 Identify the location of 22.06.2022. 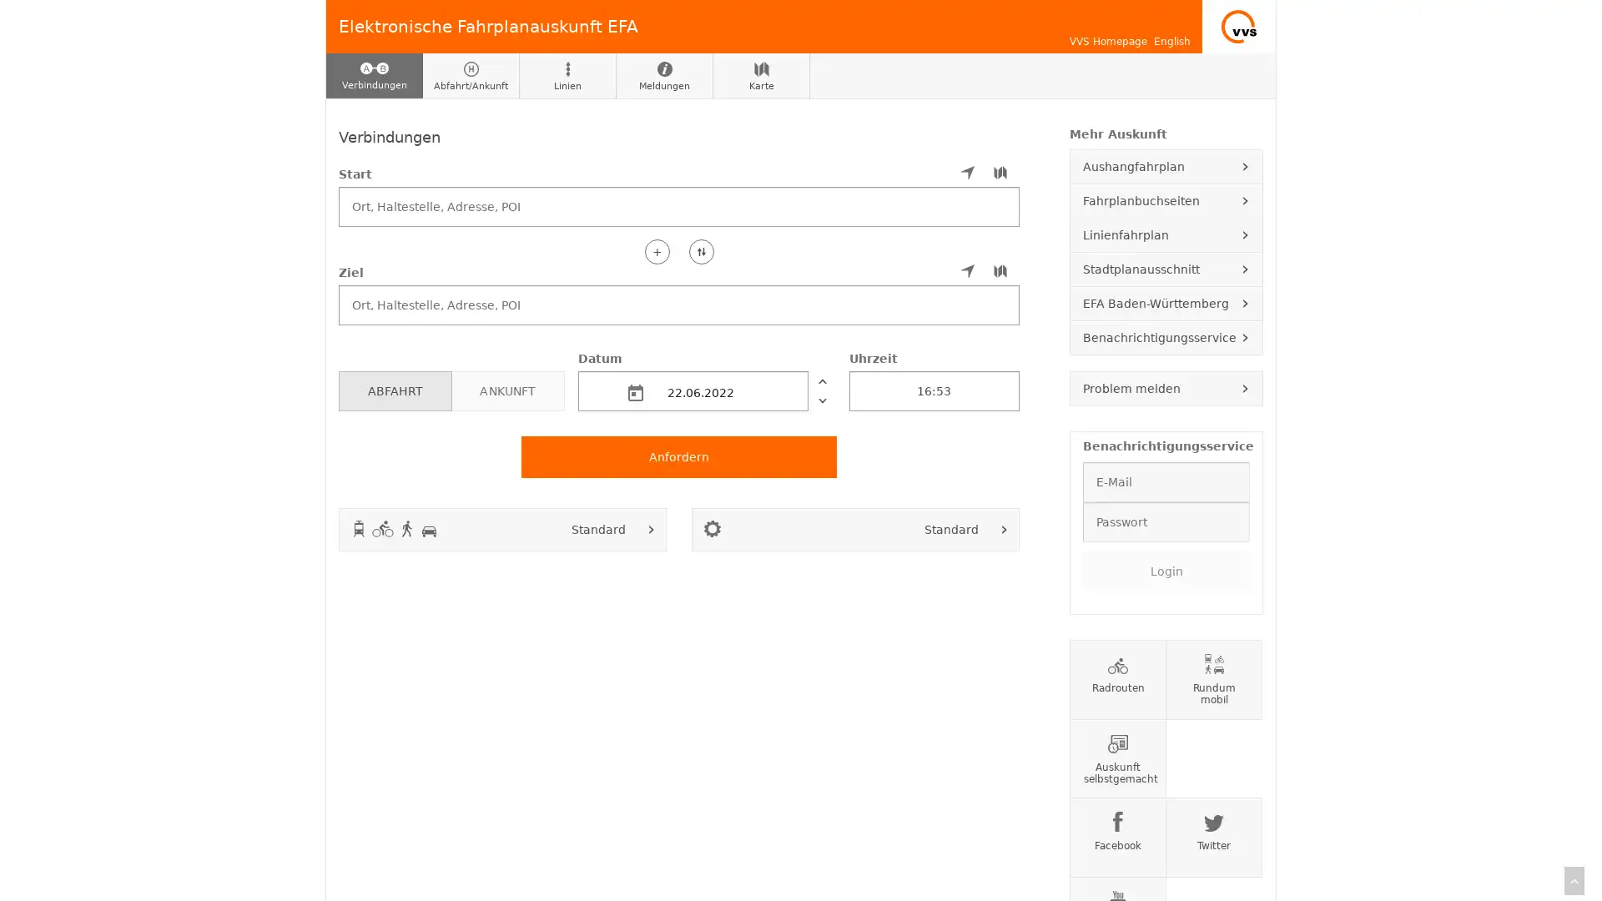
(693, 390).